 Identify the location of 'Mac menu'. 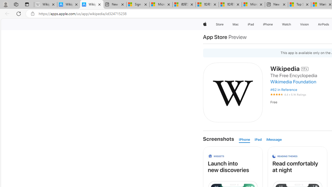
(239, 24).